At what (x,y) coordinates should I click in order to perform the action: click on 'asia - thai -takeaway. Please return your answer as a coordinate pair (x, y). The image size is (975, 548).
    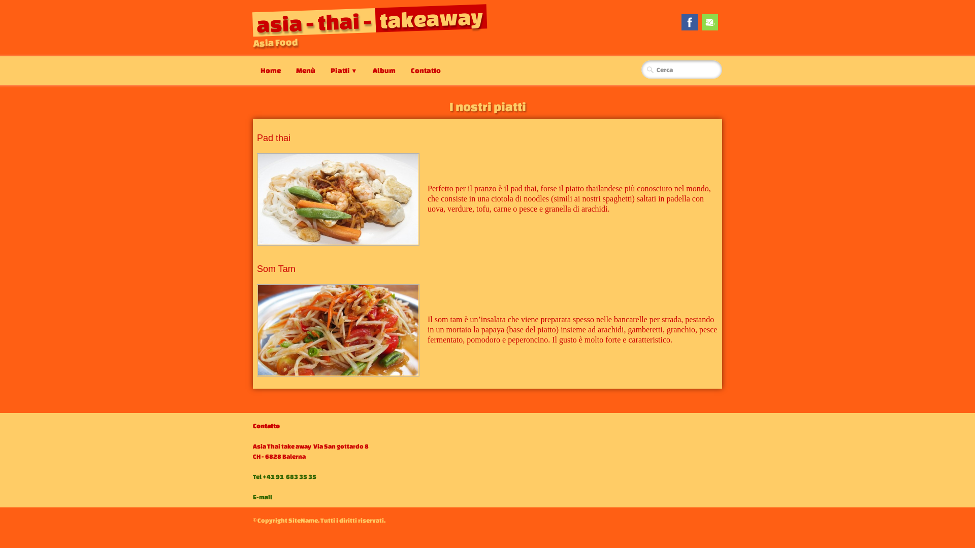
    Looking at the image, I should click on (372, 22).